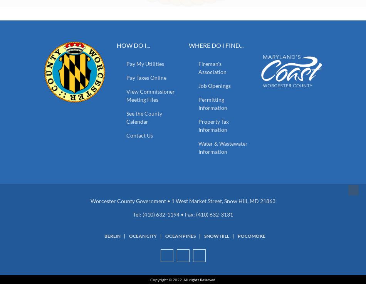 The width and height of the screenshot is (366, 284). I want to click on 'Ocean City', so click(142, 235).